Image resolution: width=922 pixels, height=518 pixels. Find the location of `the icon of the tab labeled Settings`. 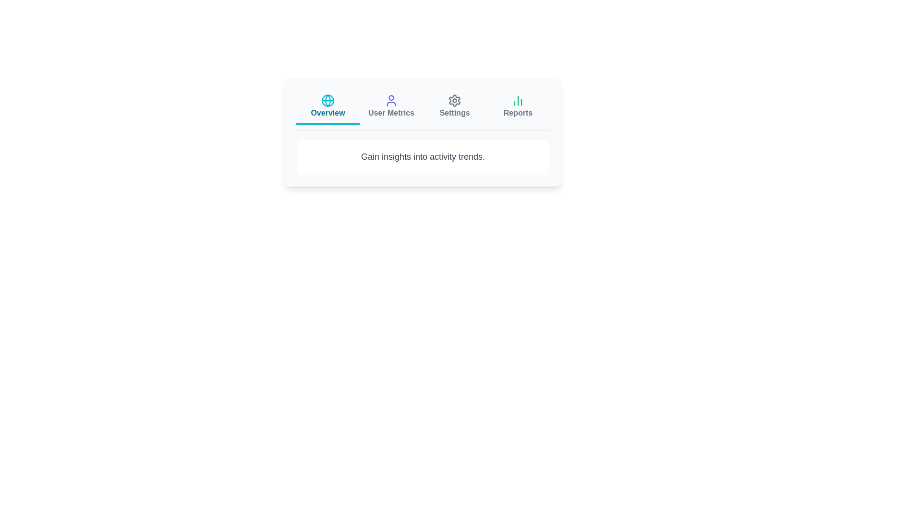

the icon of the tab labeled Settings is located at coordinates (454, 100).